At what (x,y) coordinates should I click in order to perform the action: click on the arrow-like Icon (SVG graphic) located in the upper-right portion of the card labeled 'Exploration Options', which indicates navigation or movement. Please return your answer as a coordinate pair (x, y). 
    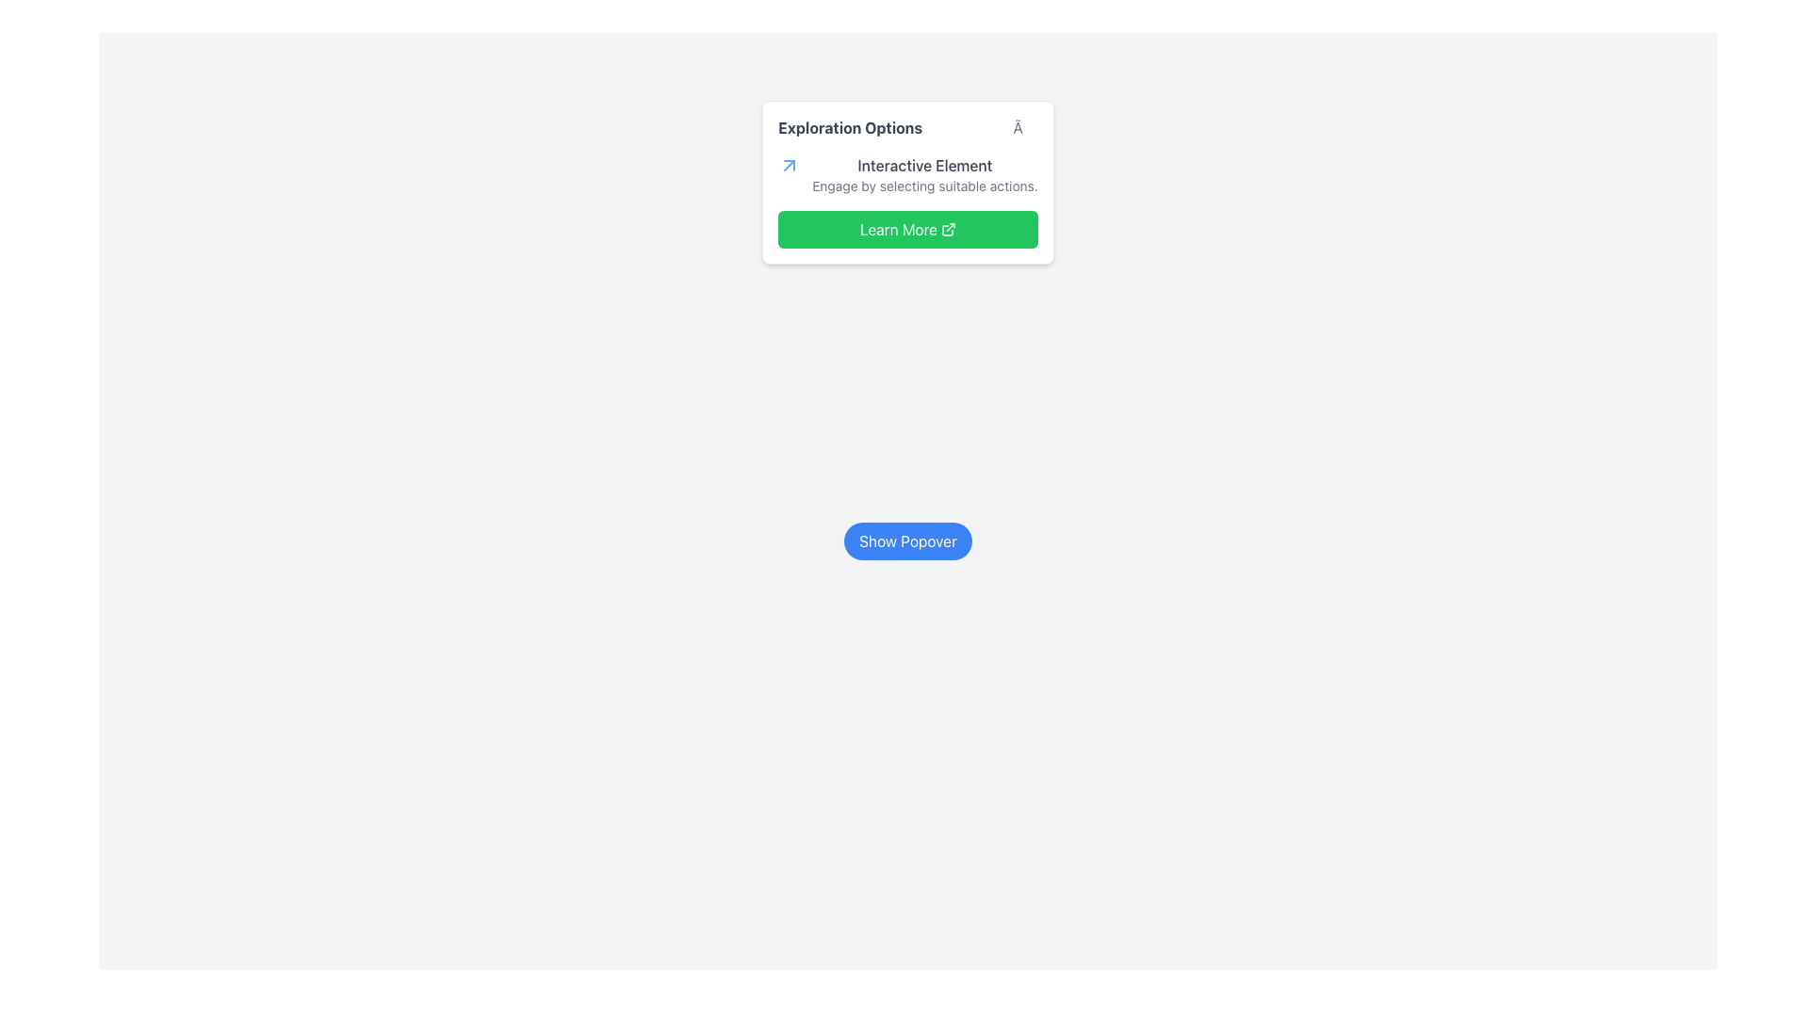
    Looking at the image, I should click on (790, 165).